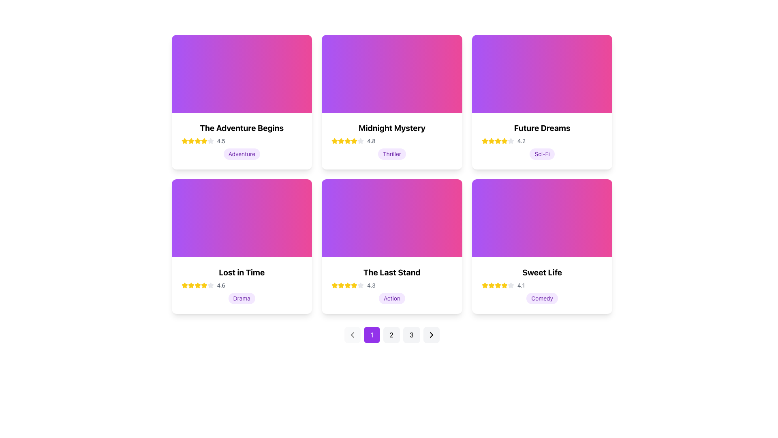 The height and width of the screenshot is (438, 778). I want to click on tag labeled 'Drama' which is a compact rectangular element with a light purple background located centrally within the card labeled 'Lost in Time', so click(241, 298).